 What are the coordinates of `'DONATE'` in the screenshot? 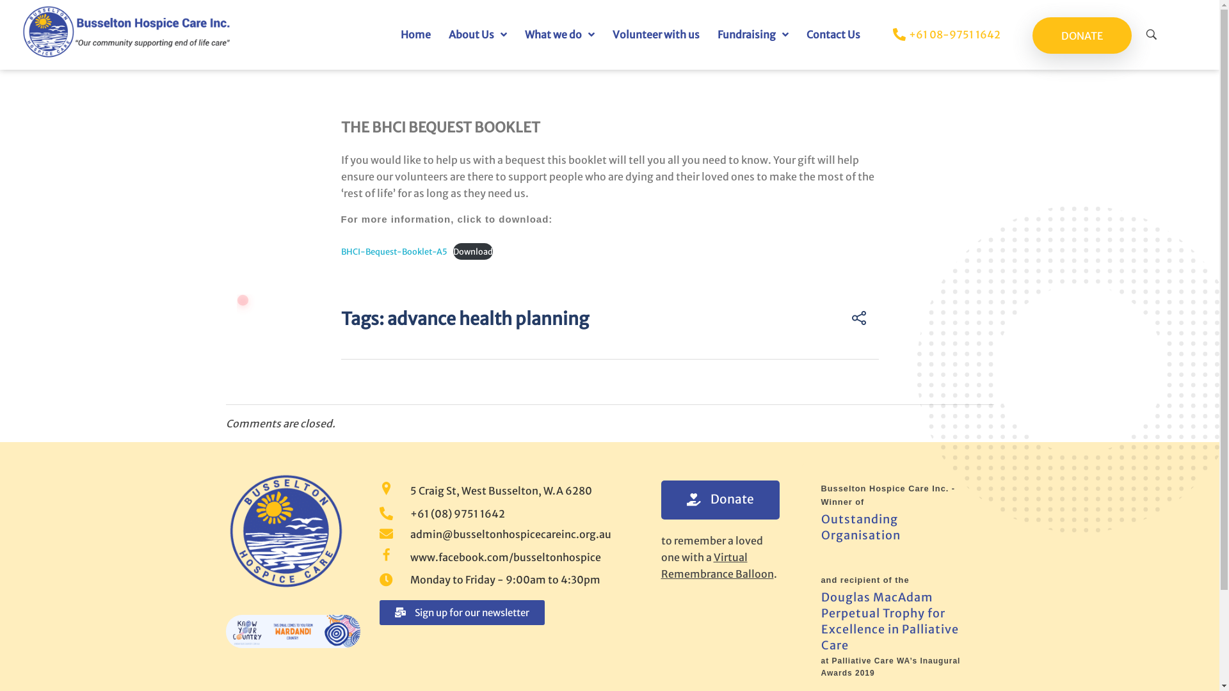 It's located at (1081, 35).